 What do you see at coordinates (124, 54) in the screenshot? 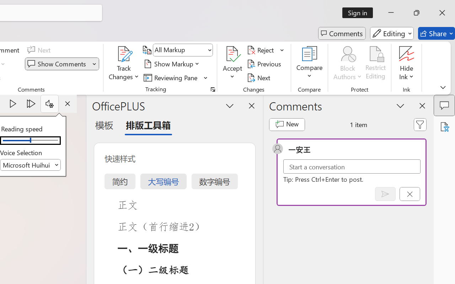
I see `'Track Changes'` at bounding box center [124, 54].